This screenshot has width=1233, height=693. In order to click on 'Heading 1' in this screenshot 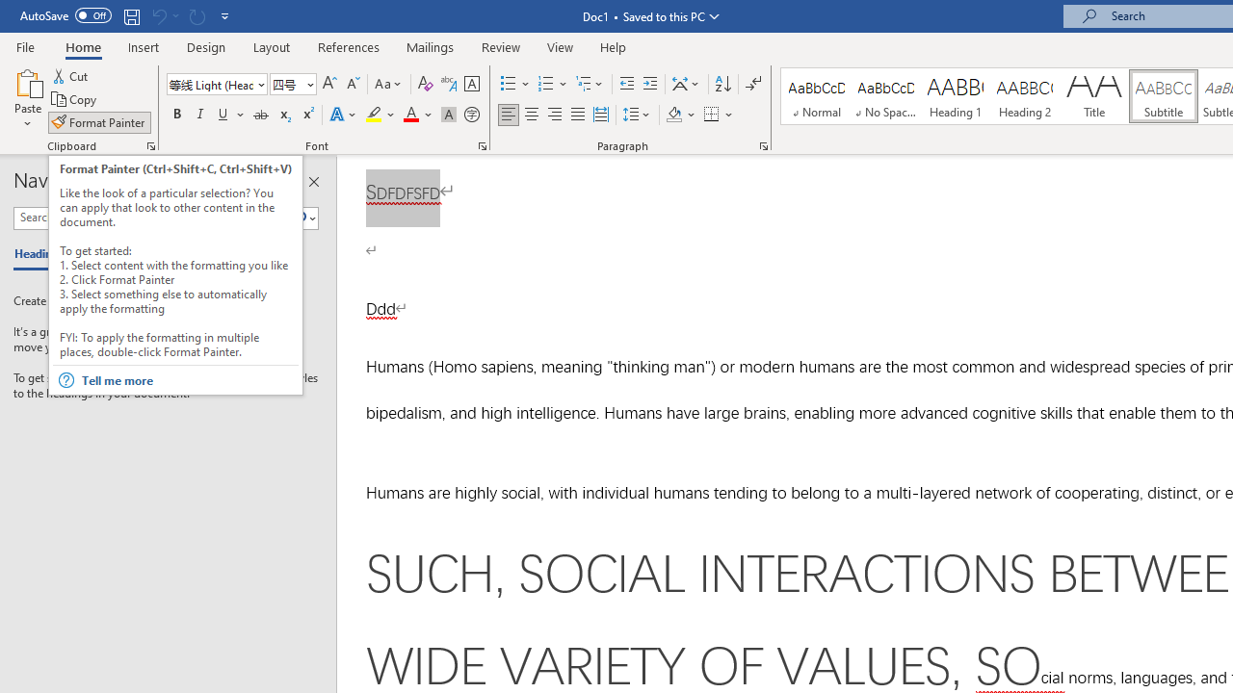, I will do `click(956, 96)`.